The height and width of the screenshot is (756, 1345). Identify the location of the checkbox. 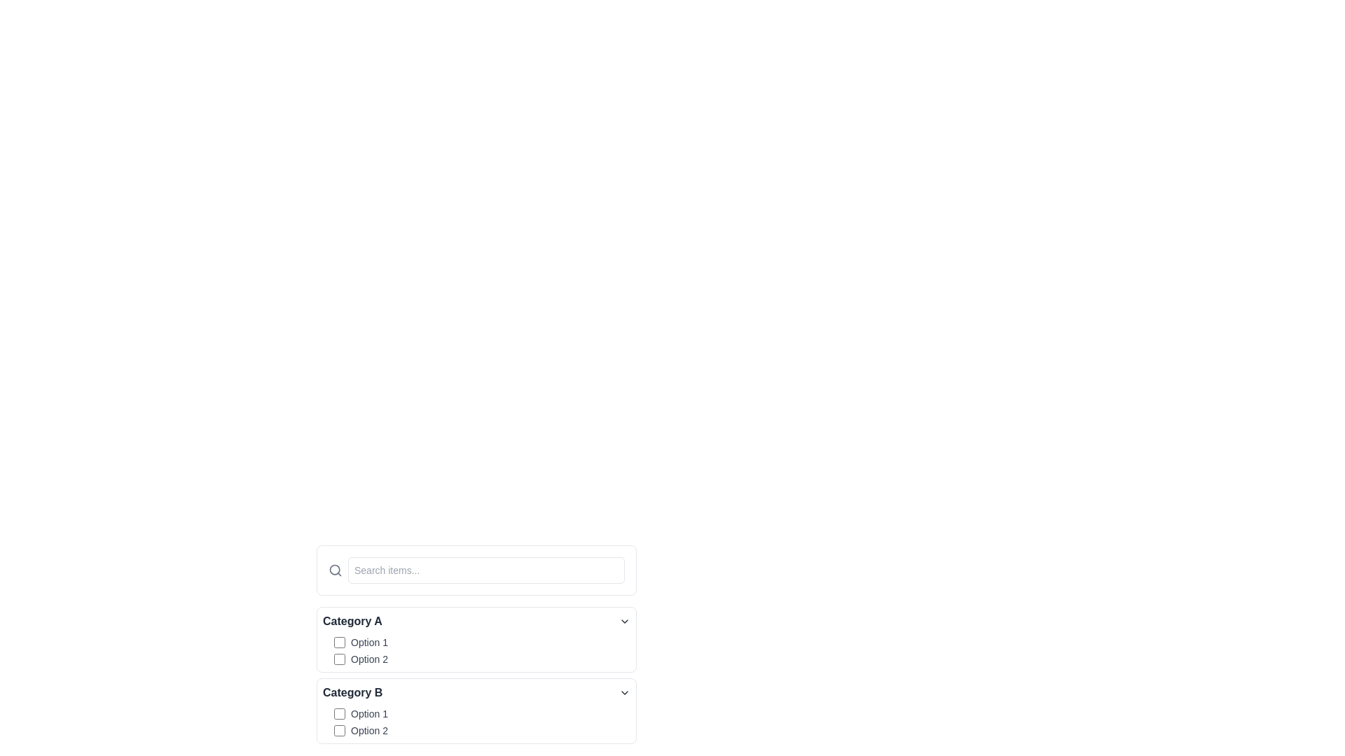
(476, 710).